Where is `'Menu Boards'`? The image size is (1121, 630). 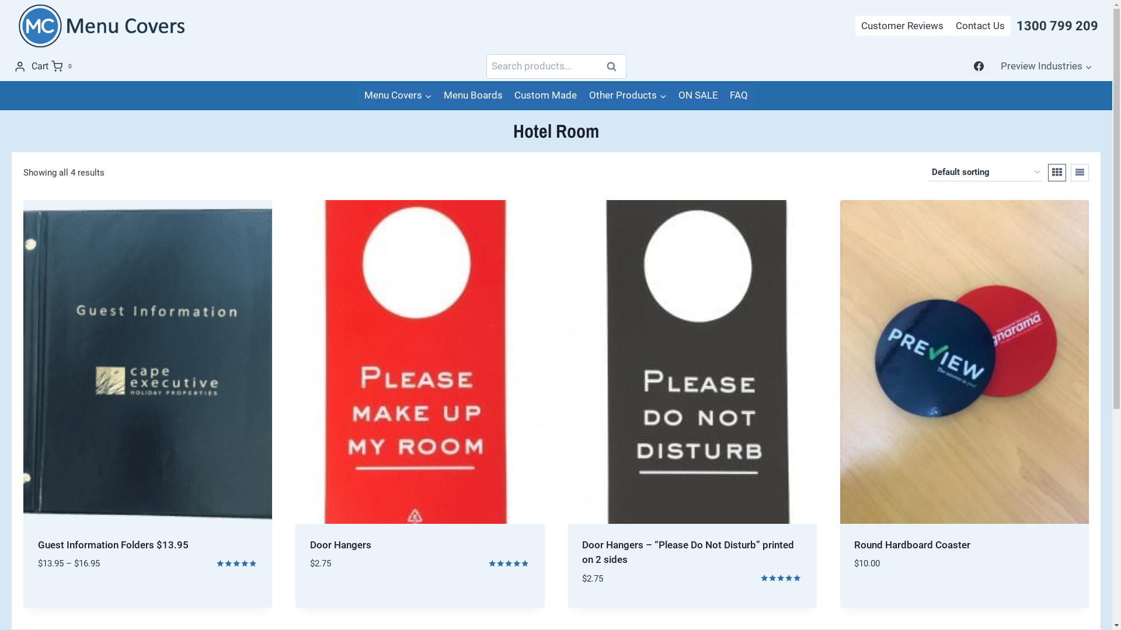 'Menu Boards' is located at coordinates (437, 94).